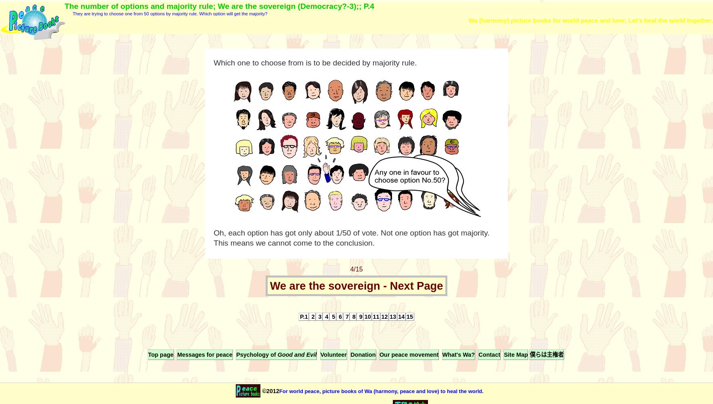 This screenshot has width=713, height=404. What do you see at coordinates (339, 317) in the screenshot?
I see `'6'` at bounding box center [339, 317].